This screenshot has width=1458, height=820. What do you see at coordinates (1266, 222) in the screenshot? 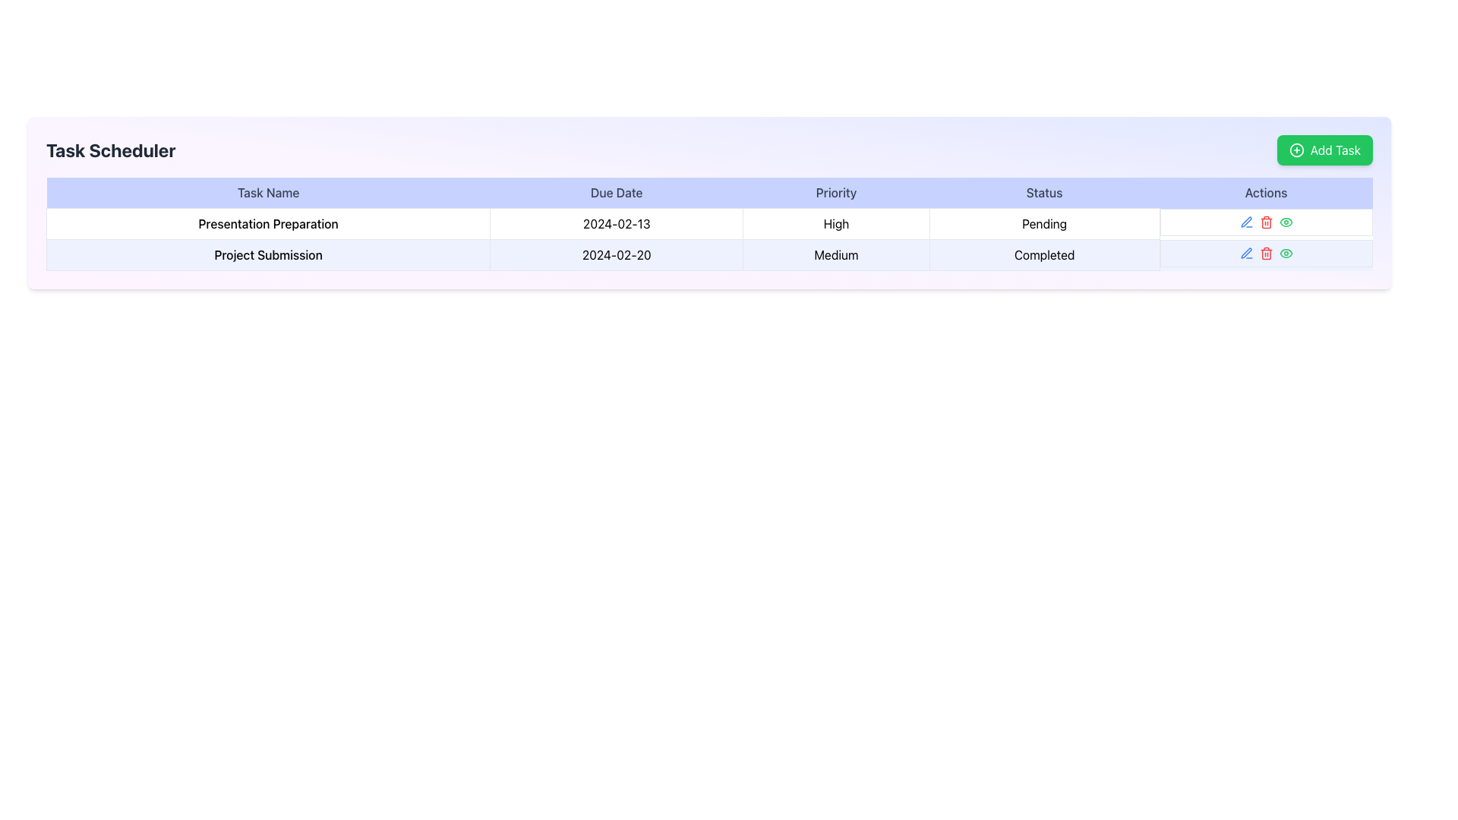
I see `the red trash bin icon located in the 'Actions' column of the row labeled 'Presentation Preparation'` at bounding box center [1266, 222].